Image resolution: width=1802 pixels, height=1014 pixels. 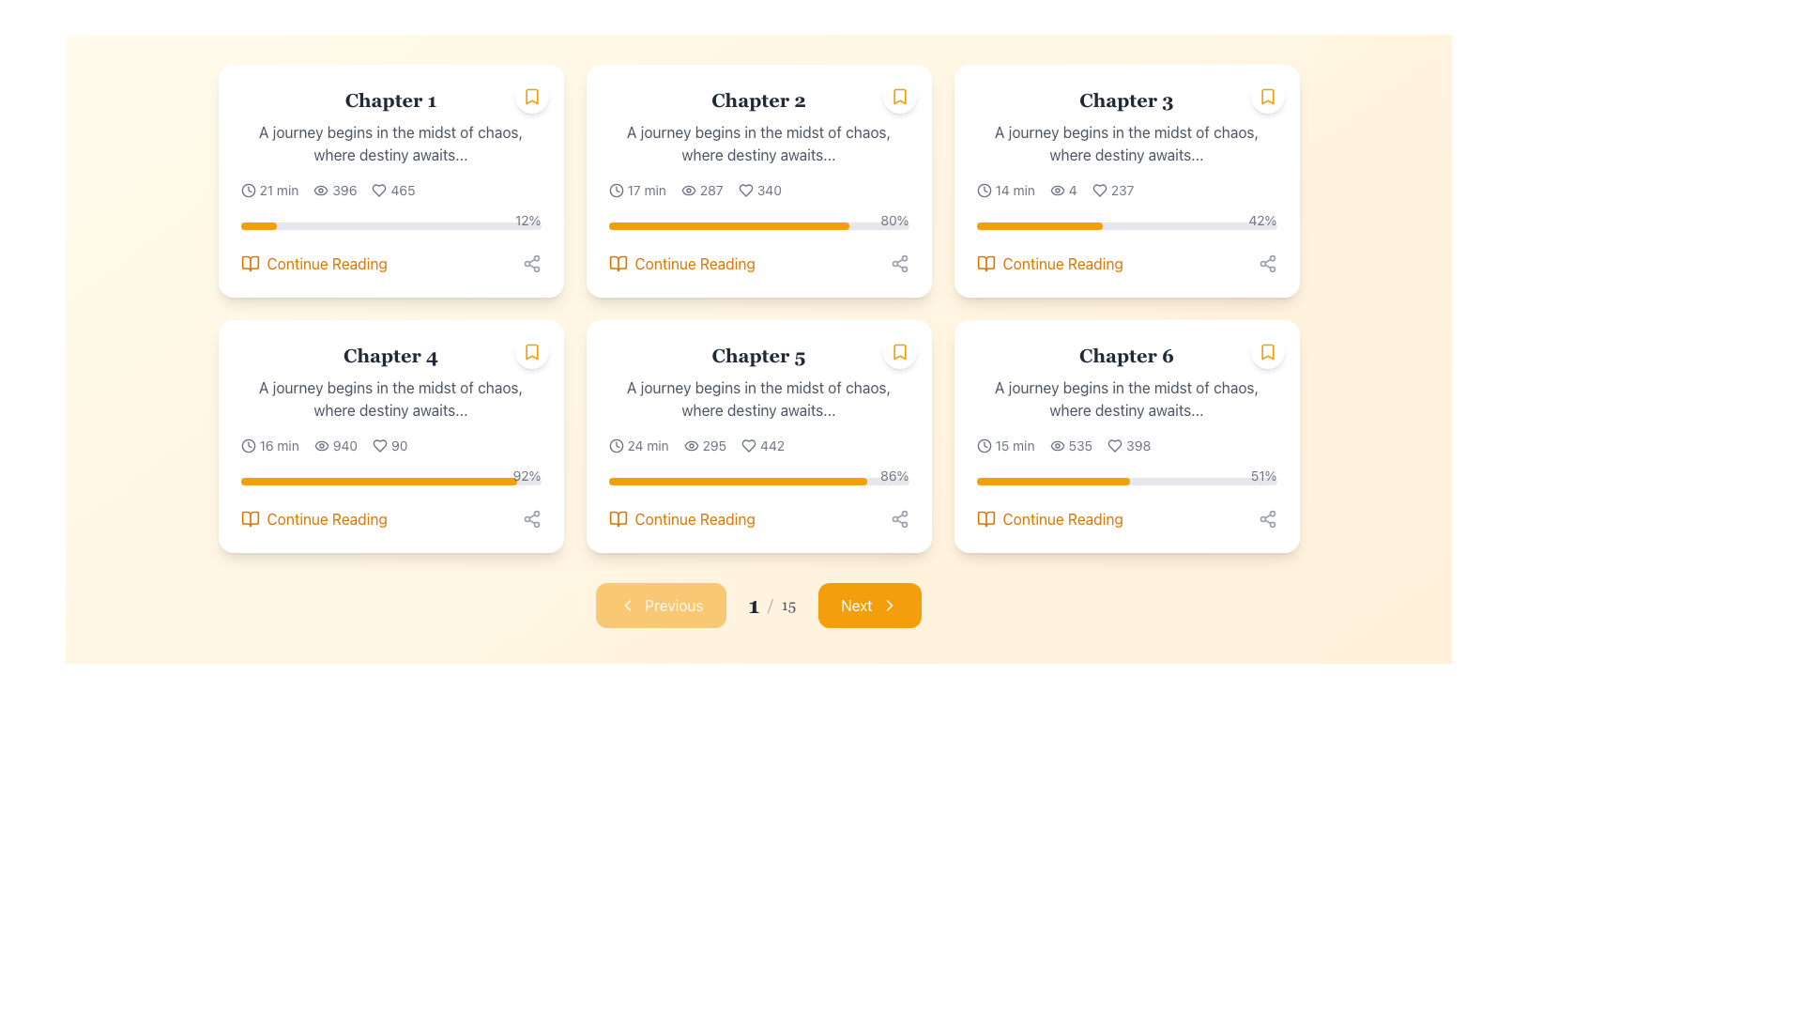 I want to click on the Content Description Text that provides an introduction to 'Chapter 5', located in the third card of the second row, so click(x=758, y=397).